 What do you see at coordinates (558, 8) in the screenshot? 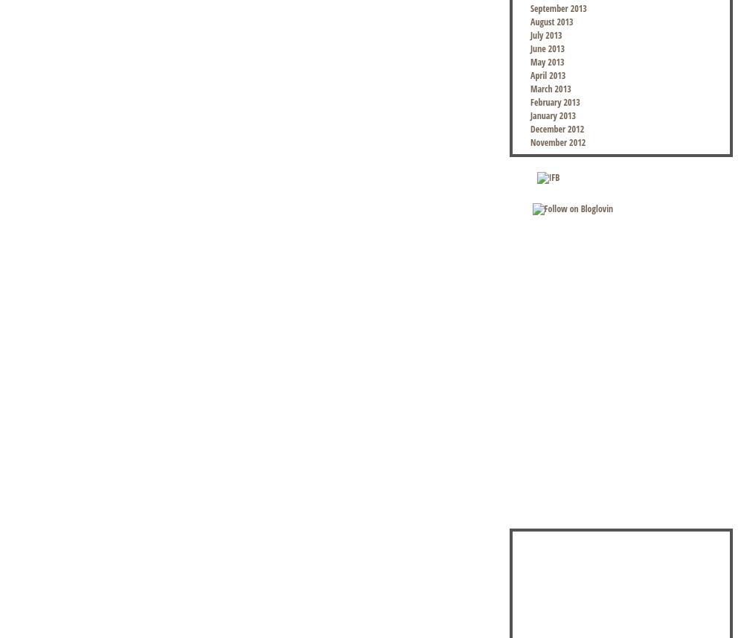
I see `'September 2013'` at bounding box center [558, 8].